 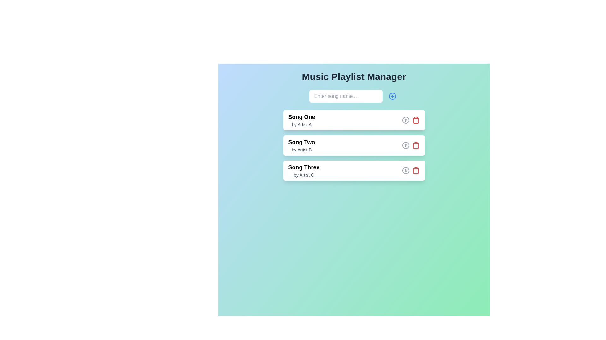 I want to click on the circular gray play icon in the interactive control grouping for 'Song One by Artist A' to play the song, so click(x=411, y=120).